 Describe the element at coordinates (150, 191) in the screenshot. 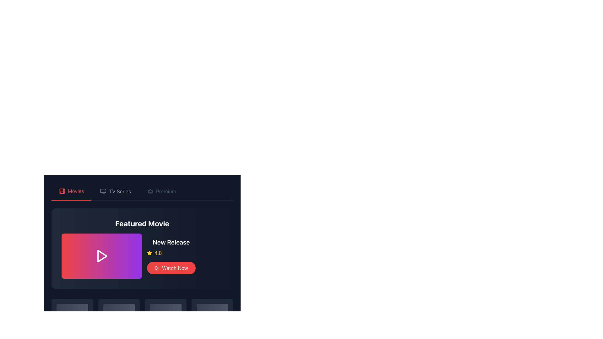

I see `the premium content icon located centrally within the navigation header, positioned to the right of the 'TV Series' tab and to the left of the 'Premium' text label` at that location.